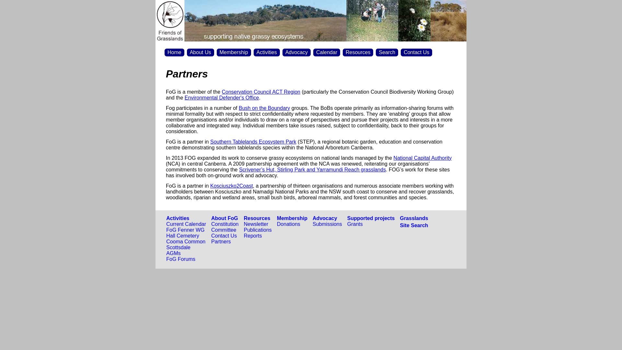  I want to click on 'Scottsdale', so click(166, 247).